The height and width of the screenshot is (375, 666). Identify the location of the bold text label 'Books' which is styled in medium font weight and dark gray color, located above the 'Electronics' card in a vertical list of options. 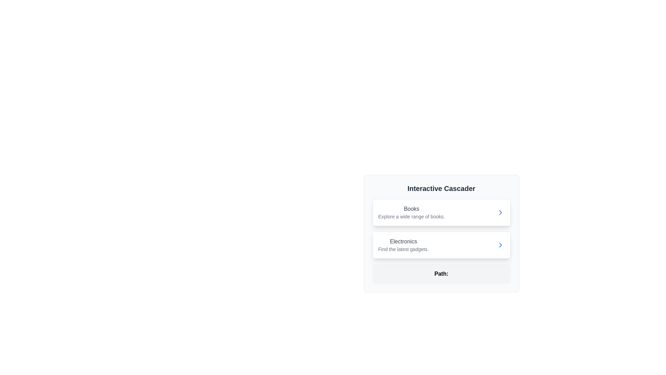
(411, 208).